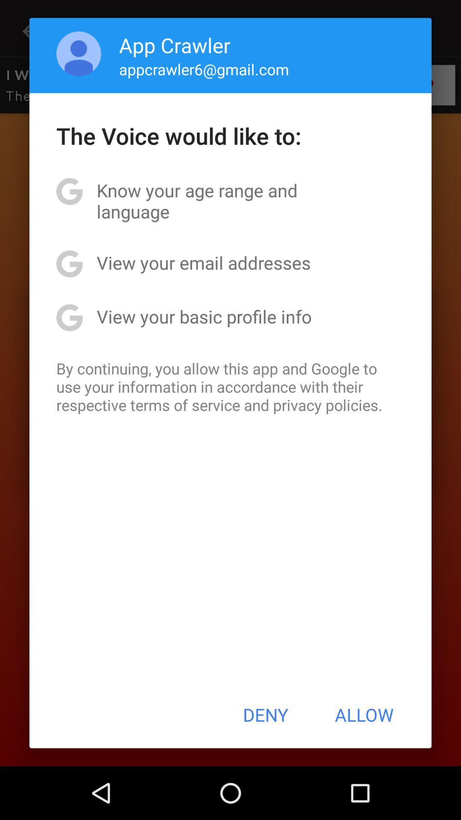  I want to click on app below by continuing you, so click(265, 715).